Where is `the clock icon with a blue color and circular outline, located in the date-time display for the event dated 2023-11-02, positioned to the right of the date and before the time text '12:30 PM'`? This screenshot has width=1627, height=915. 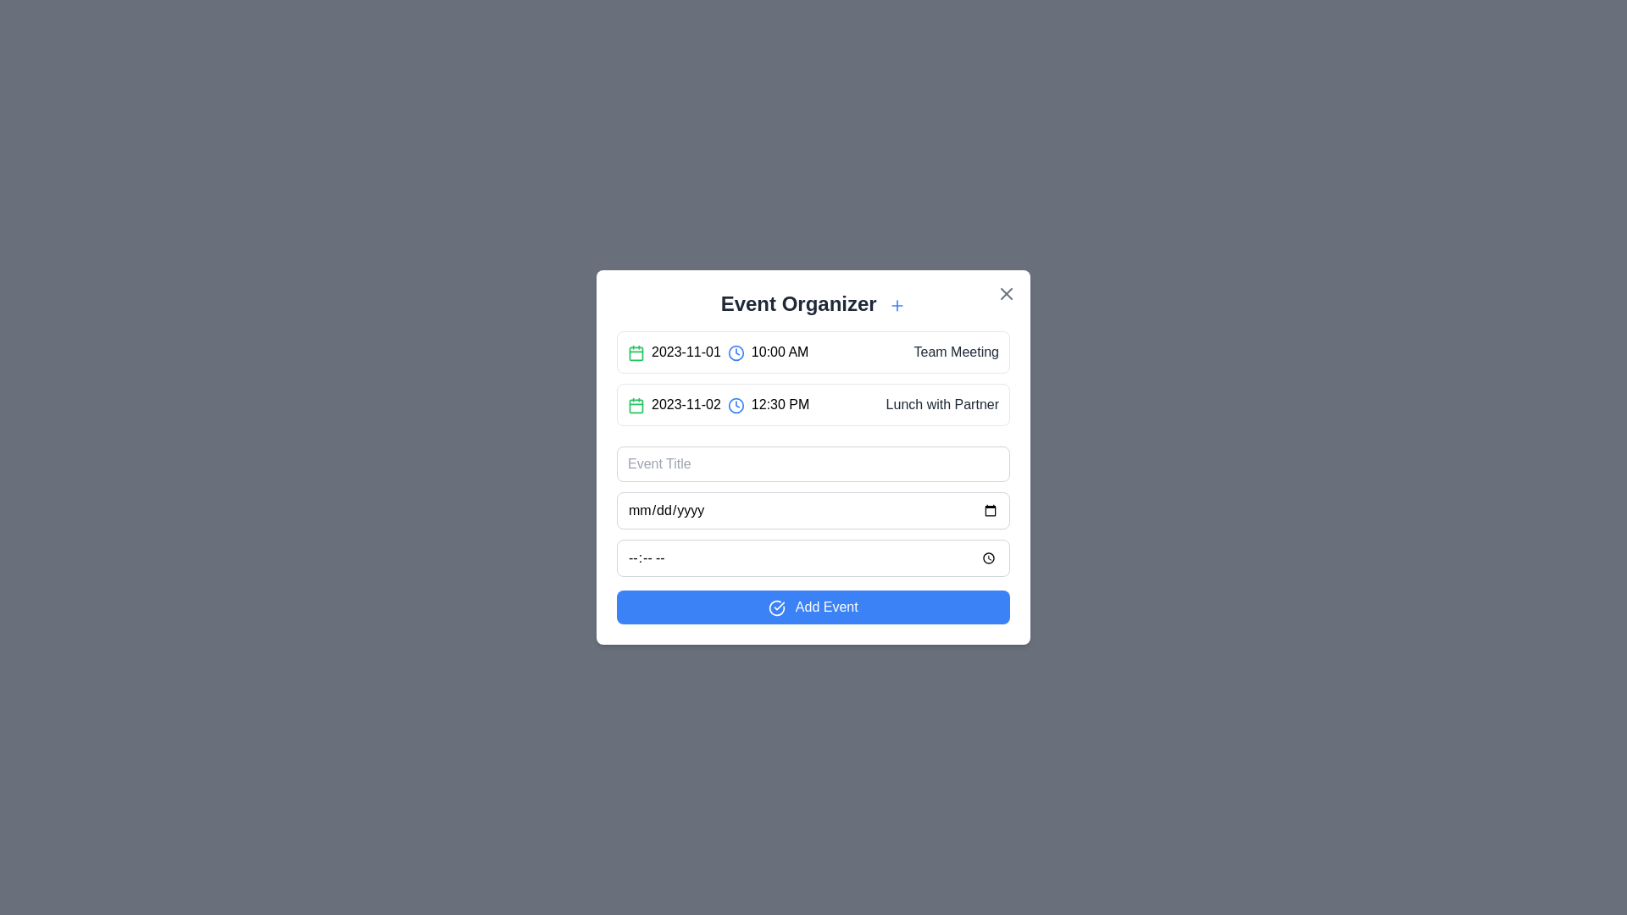
the clock icon with a blue color and circular outline, located in the date-time display for the event dated 2023-11-02, positioned to the right of the date and before the time text '12:30 PM' is located at coordinates (736, 405).